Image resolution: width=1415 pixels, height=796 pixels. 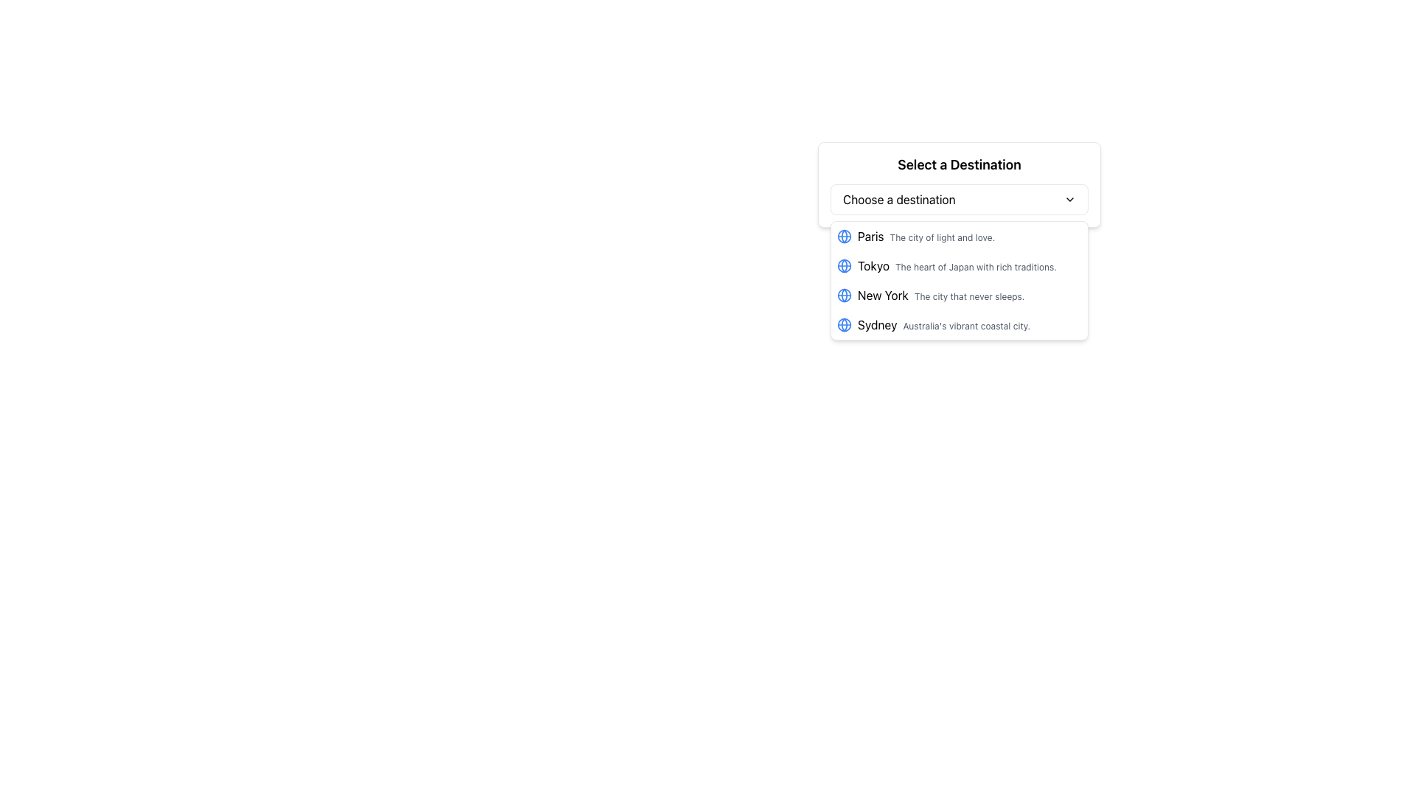 What do you see at coordinates (845, 324) in the screenshot?
I see `the graphical representation of the small curve within the globe icon that precedes the list item labeled 'Paris'` at bounding box center [845, 324].